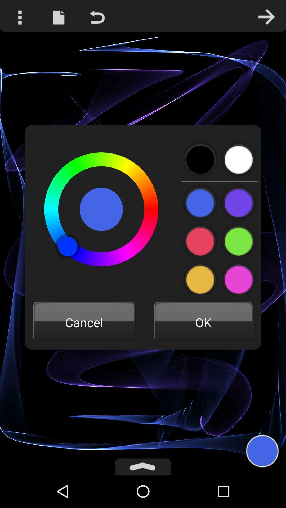 This screenshot has width=286, height=508. I want to click on colour icon, so click(239, 241).